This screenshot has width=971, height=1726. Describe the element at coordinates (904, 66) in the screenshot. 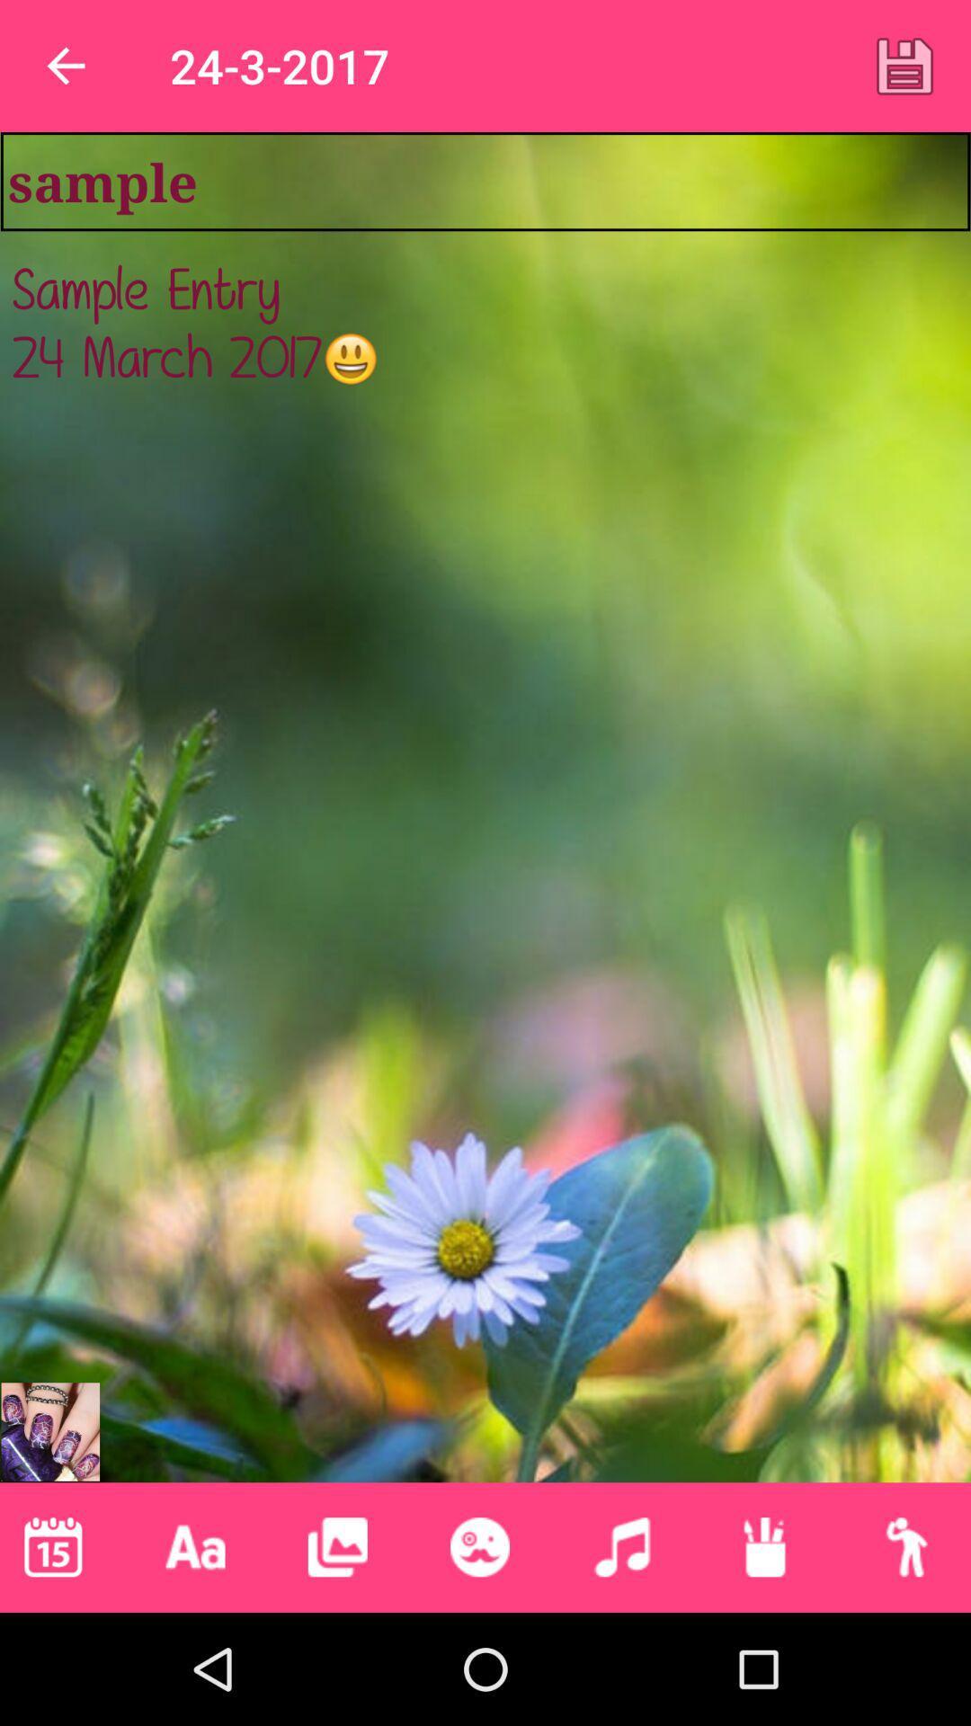

I see `icon above the sample icon` at that location.